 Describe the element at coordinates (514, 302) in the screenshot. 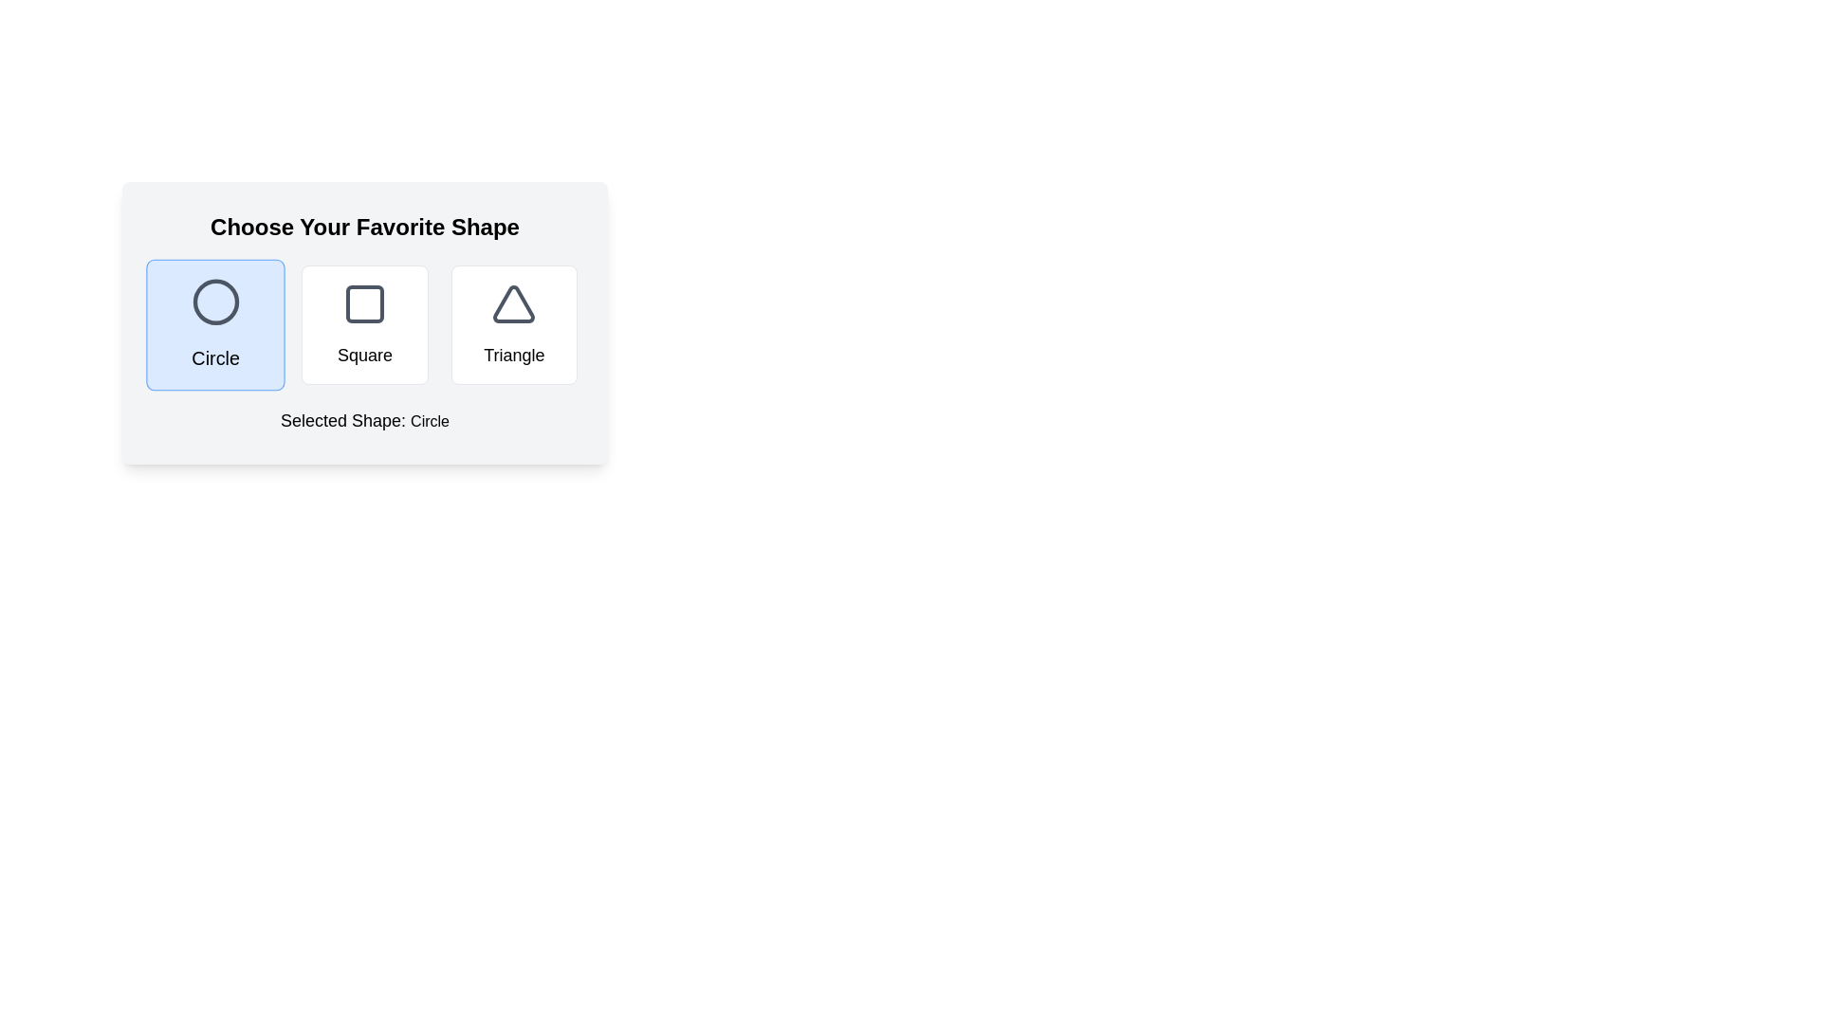

I see `the triangular SVG icon in the third card from the left in the shape selection interface, which is located above the text label 'Triangle'` at that location.